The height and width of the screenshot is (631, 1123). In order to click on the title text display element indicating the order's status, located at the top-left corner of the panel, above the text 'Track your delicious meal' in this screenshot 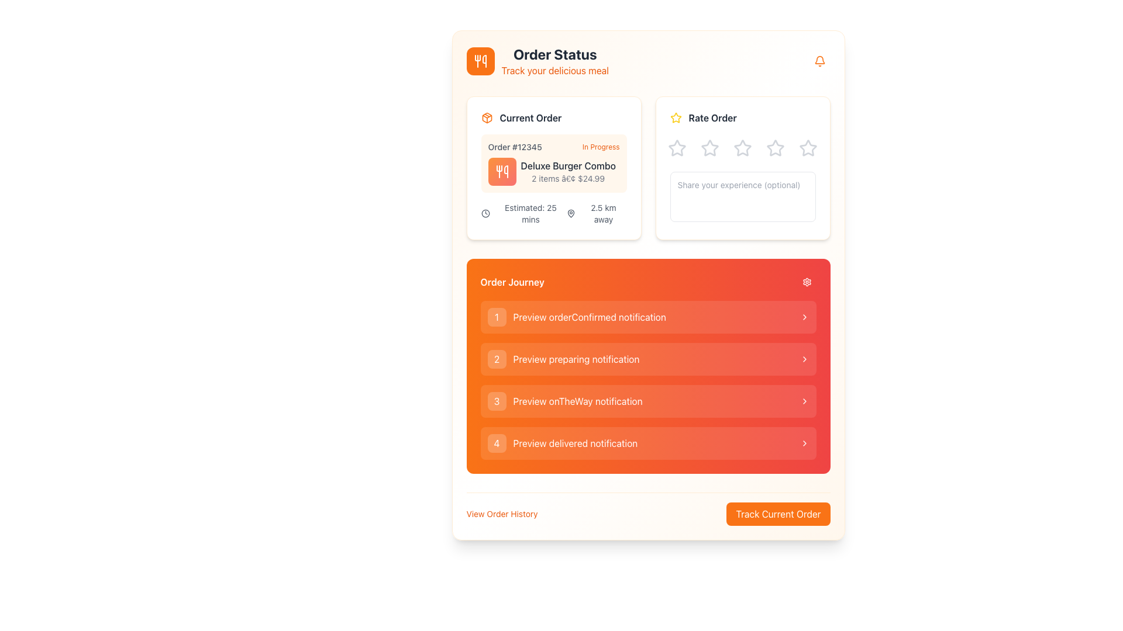, I will do `click(554, 54)`.